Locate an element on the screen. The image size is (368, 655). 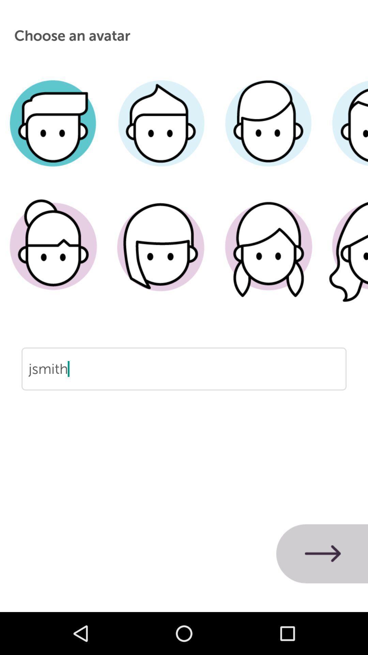
icon below jsmith is located at coordinates (322, 554).